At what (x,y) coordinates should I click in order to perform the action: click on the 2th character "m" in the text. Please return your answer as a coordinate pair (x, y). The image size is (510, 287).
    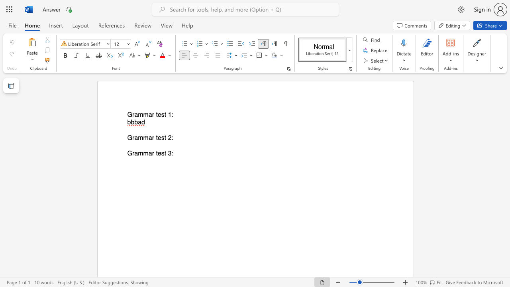
    Looking at the image, I should click on (146, 153).